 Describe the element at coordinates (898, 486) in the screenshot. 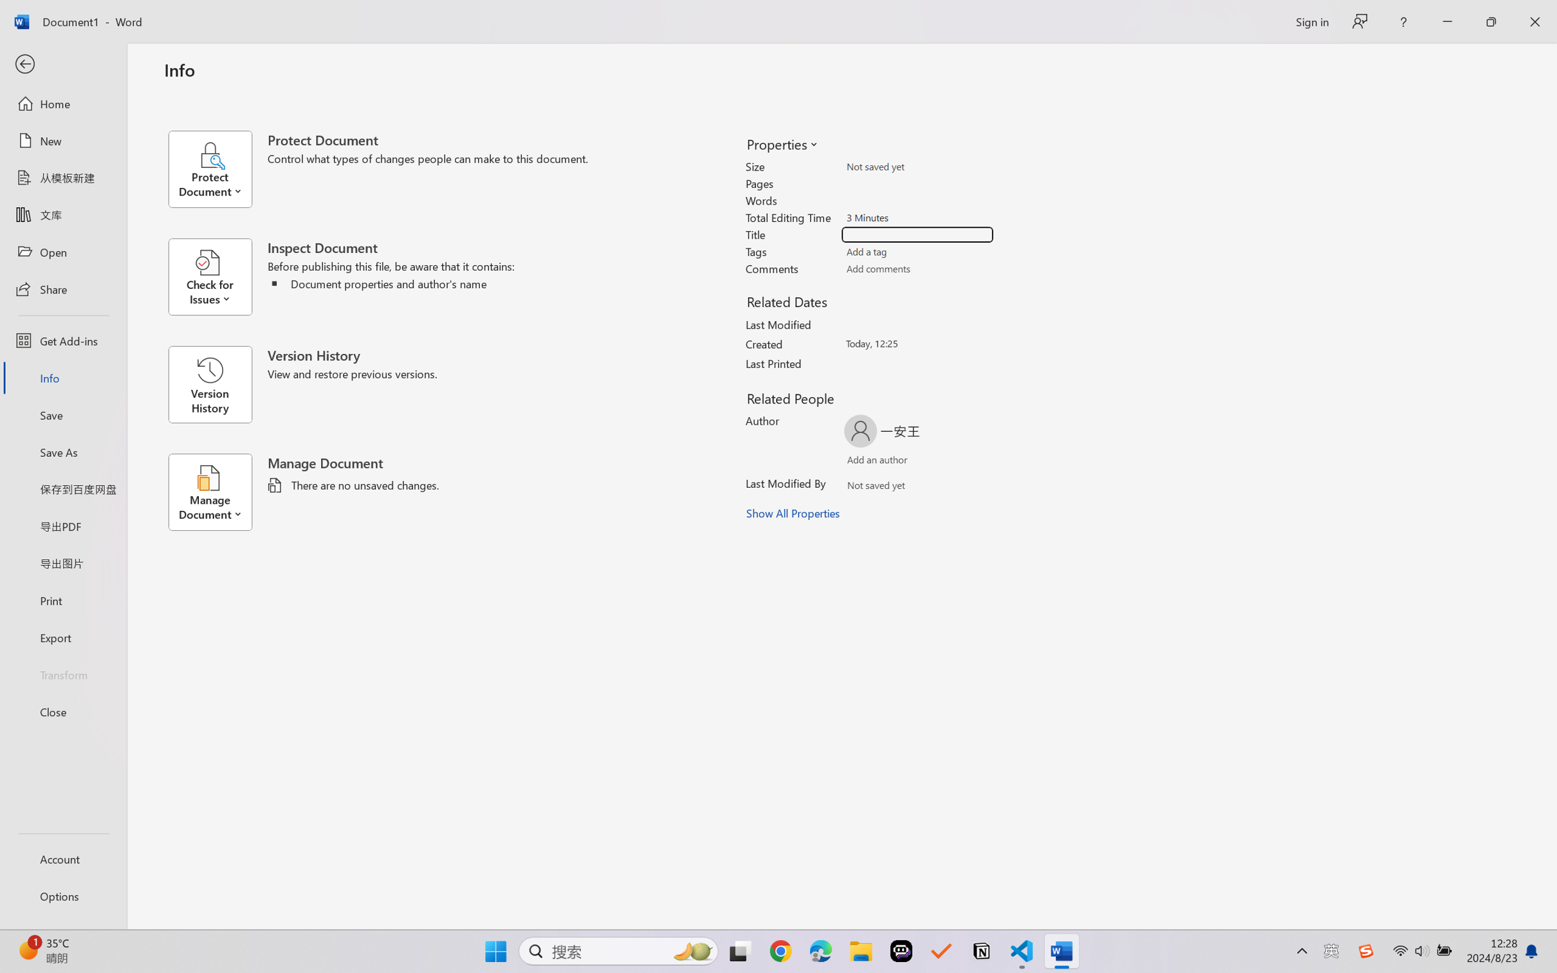

I see `'Verify Names'` at that location.